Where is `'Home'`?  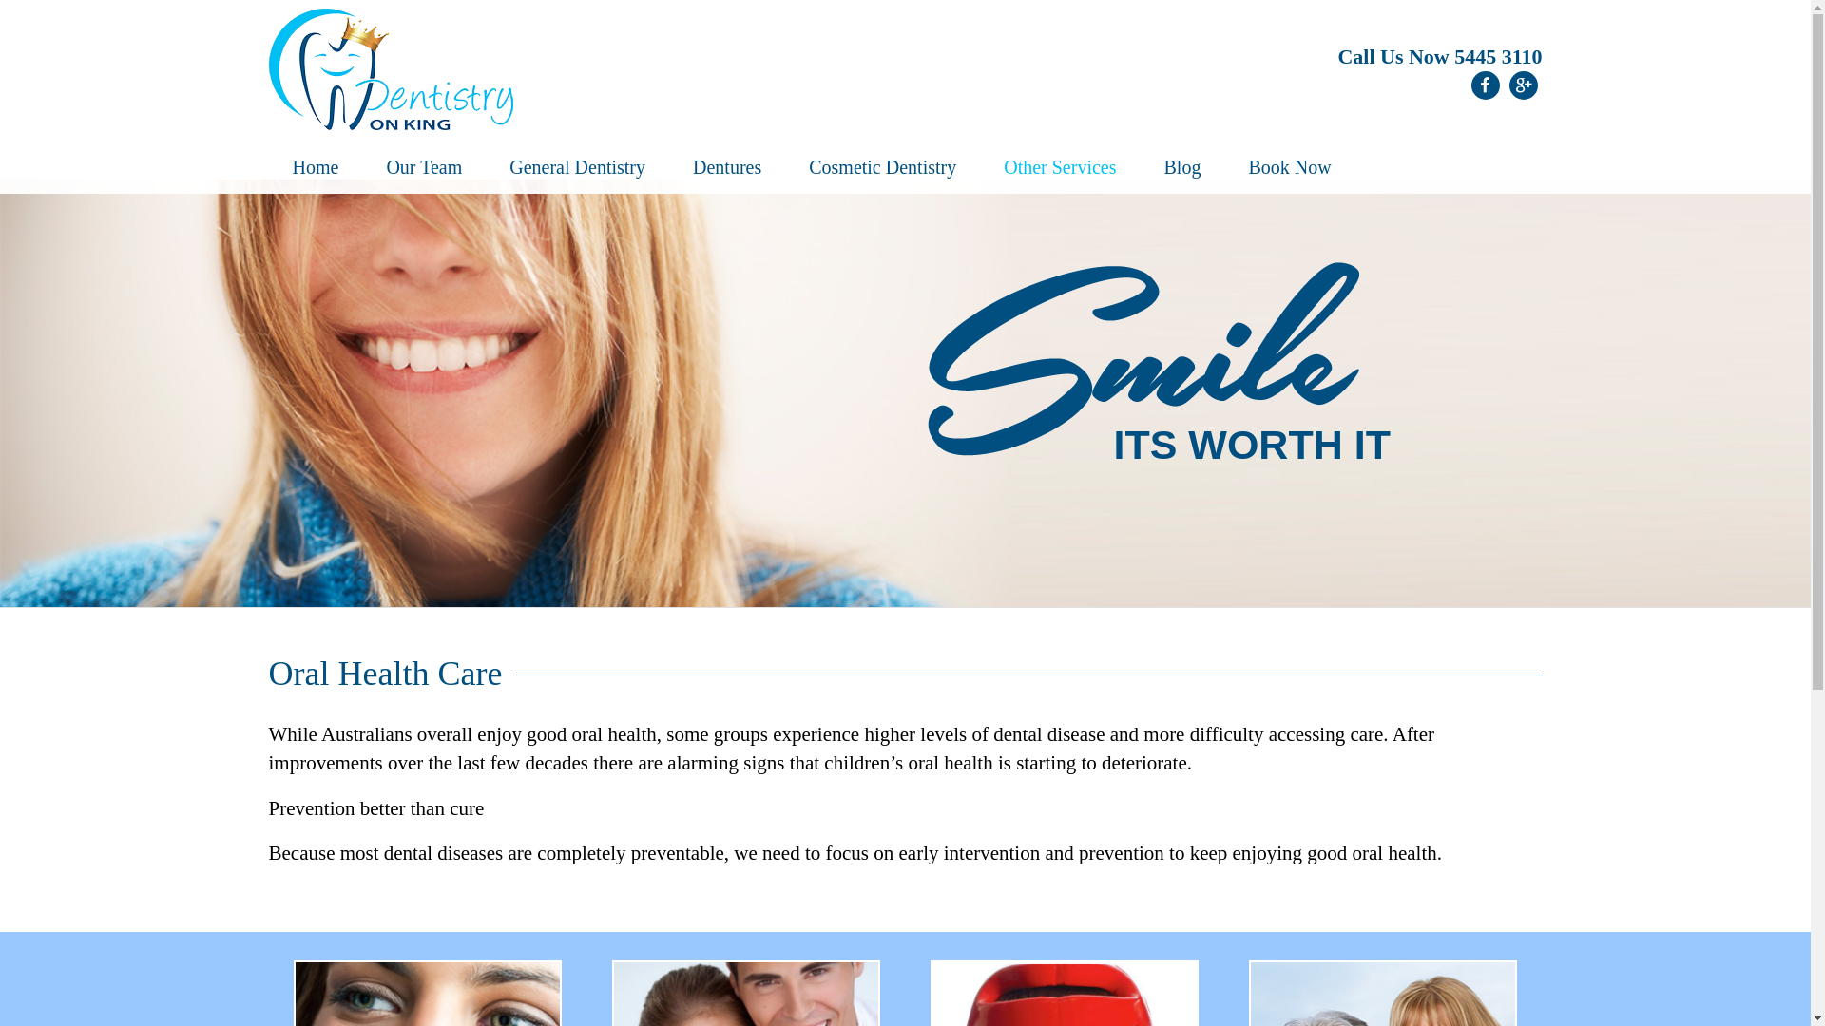
'Home' is located at coordinates (315, 168).